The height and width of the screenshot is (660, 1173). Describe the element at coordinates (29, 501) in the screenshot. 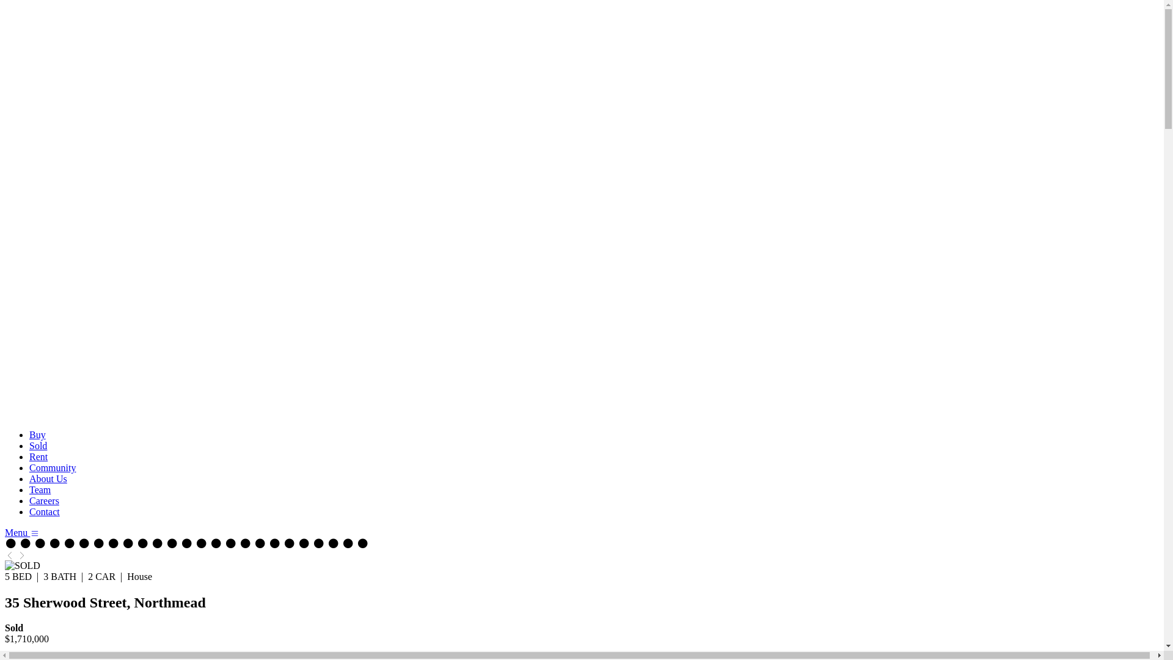

I see `'Careers'` at that location.